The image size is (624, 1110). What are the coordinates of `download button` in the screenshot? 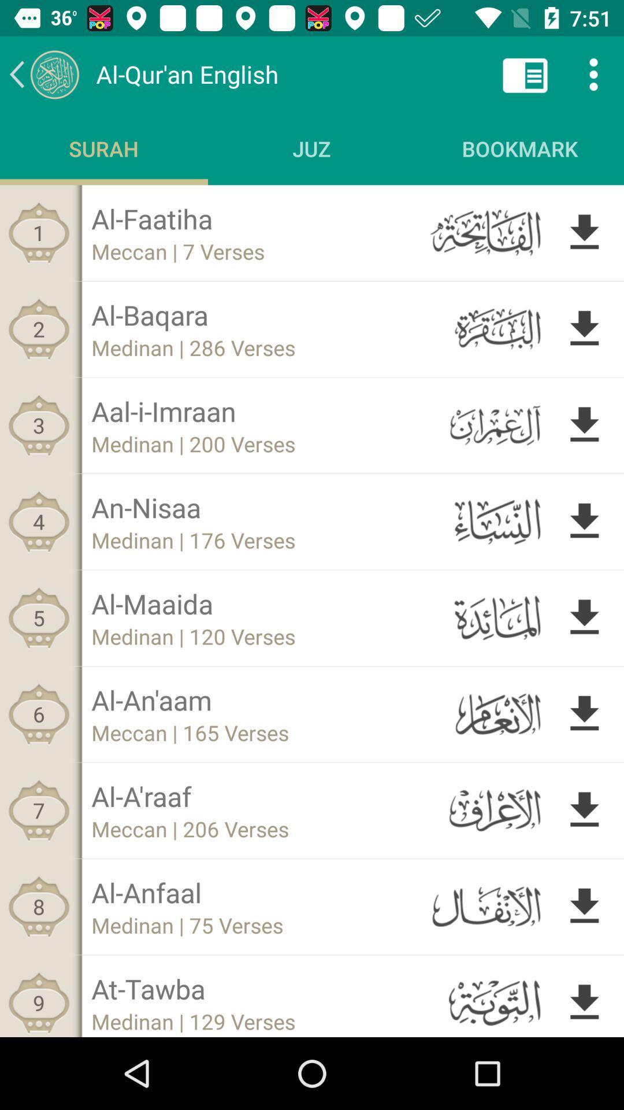 It's located at (584, 521).